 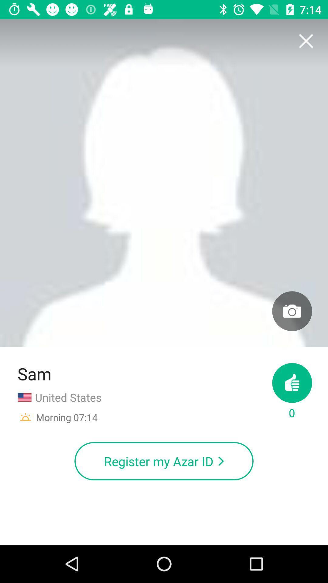 What do you see at coordinates (292, 311) in the screenshot?
I see `picture` at bounding box center [292, 311].